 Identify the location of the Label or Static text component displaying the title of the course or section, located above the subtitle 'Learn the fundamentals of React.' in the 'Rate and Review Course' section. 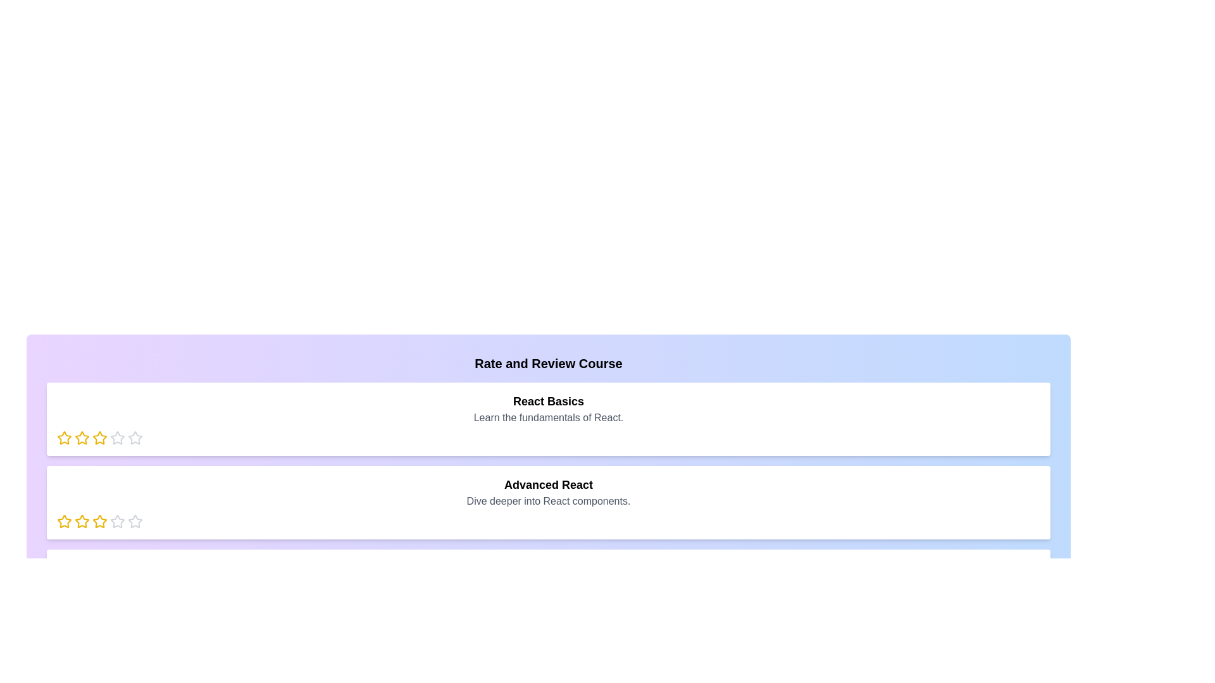
(549, 402).